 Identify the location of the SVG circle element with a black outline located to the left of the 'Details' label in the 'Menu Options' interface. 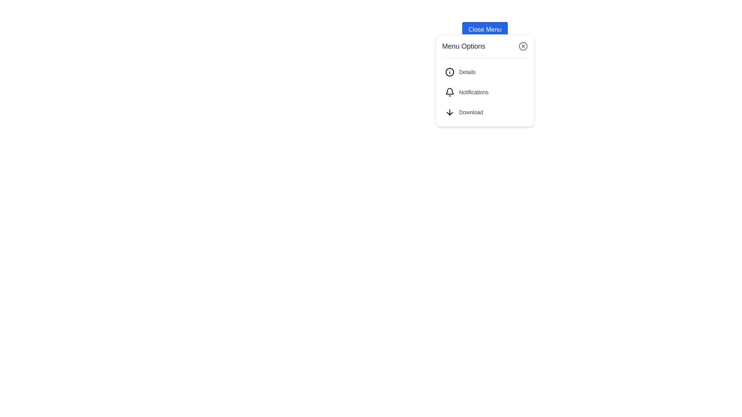
(449, 72).